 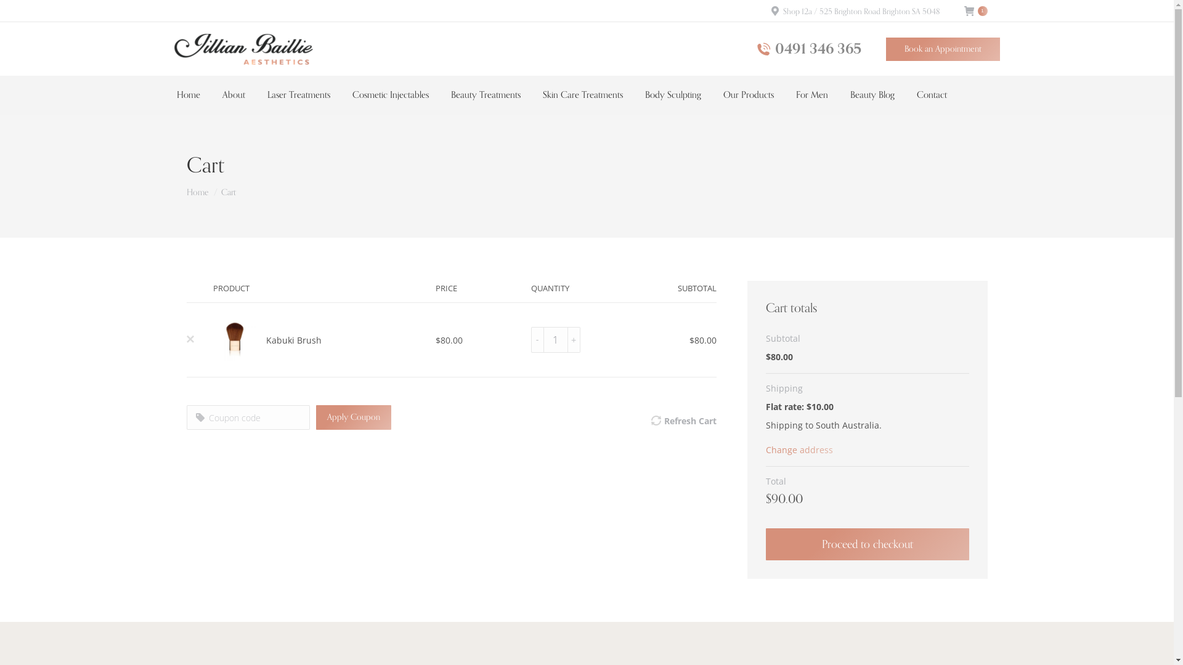 I want to click on 'Cosmetic Injectables', so click(x=389, y=94).